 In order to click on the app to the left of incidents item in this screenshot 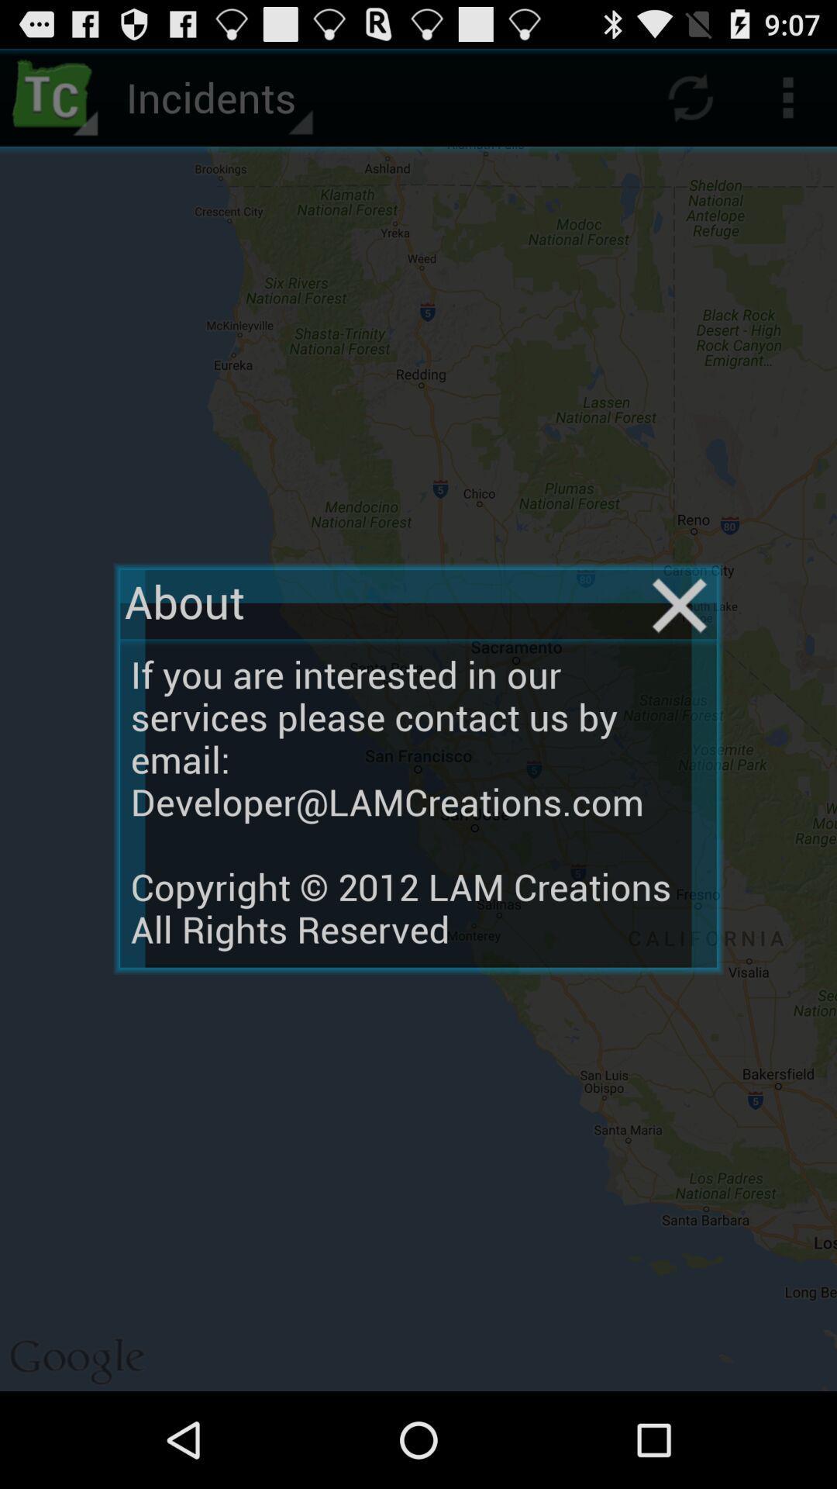, I will do `click(56, 96)`.